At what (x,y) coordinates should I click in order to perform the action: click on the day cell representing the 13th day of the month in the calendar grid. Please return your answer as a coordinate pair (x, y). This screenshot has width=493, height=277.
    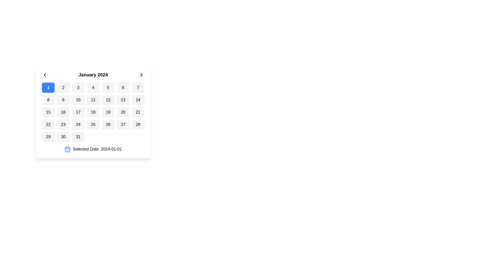
    Looking at the image, I should click on (123, 100).